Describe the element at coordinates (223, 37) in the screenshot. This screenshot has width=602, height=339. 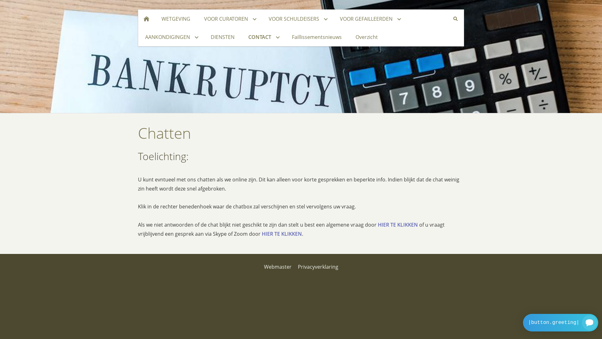
I see `'DIENSTEN'` at that location.